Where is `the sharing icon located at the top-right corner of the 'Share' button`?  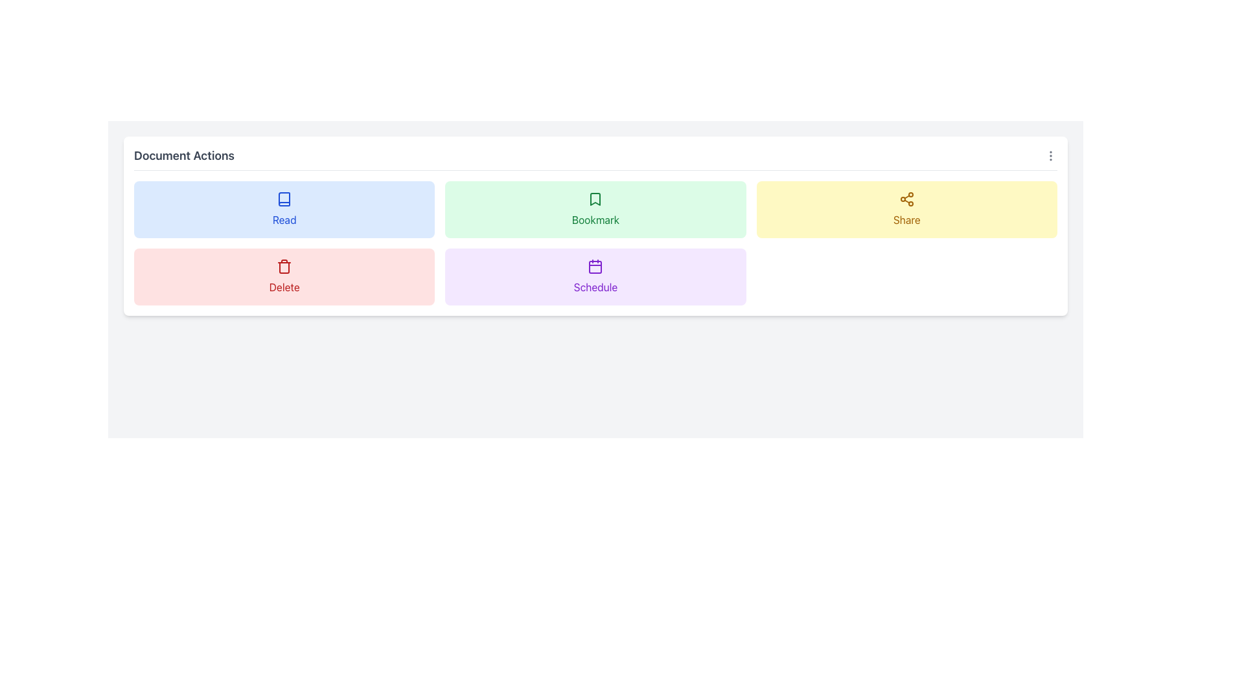 the sharing icon located at the top-right corner of the 'Share' button is located at coordinates (906, 199).